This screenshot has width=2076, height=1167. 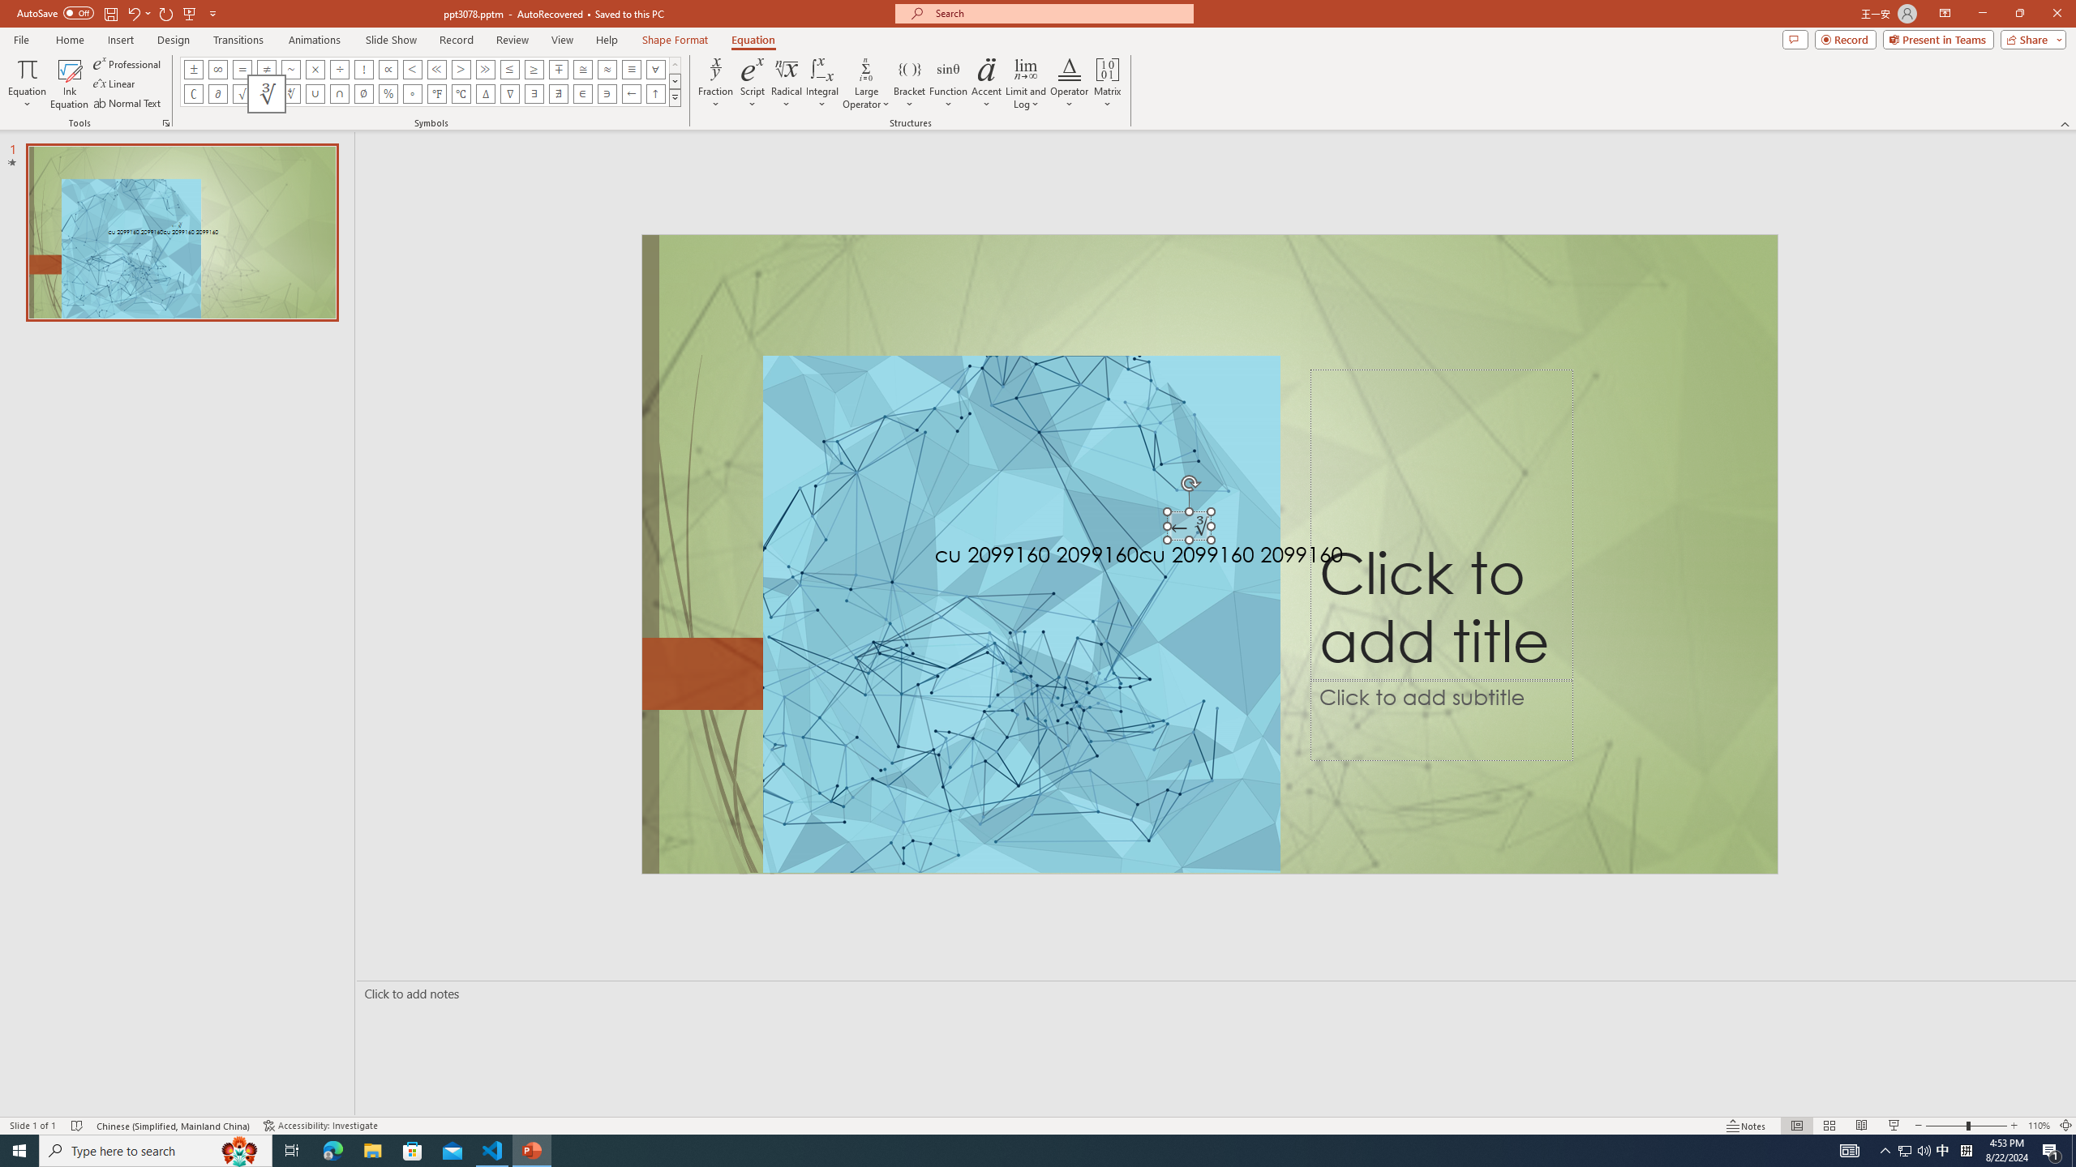 I want to click on 'Equation Symbol Intersection', so click(x=340, y=92).